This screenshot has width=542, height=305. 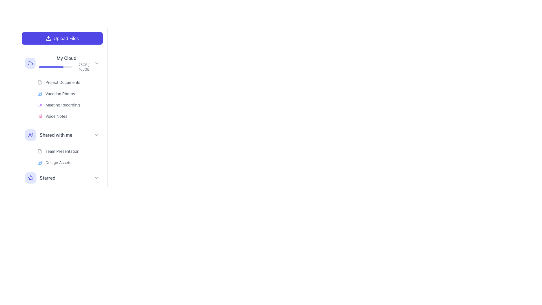 What do you see at coordinates (30, 177) in the screenshot?
I see `the graphical icon located in the left pane under the 'Starred' section, adjacent to the label 'Starred'` at bounding box center [30, 177].